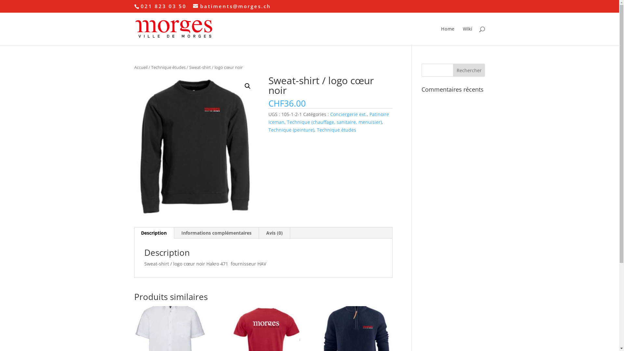 The height and width of the screenshot is (351, 624). I want to click on 'Rechercher', so click(469, 70).